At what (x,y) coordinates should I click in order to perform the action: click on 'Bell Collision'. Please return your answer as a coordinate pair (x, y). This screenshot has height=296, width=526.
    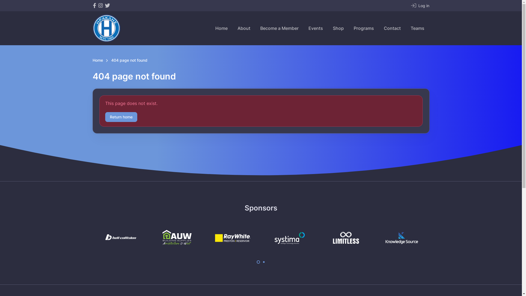
    Looking at the image, I should click on (100, 238).